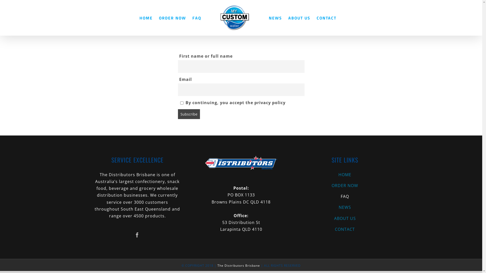 The height and width of the screenshot is (273, 486). I want to click on 'ABOUT US', so click(299, 17).